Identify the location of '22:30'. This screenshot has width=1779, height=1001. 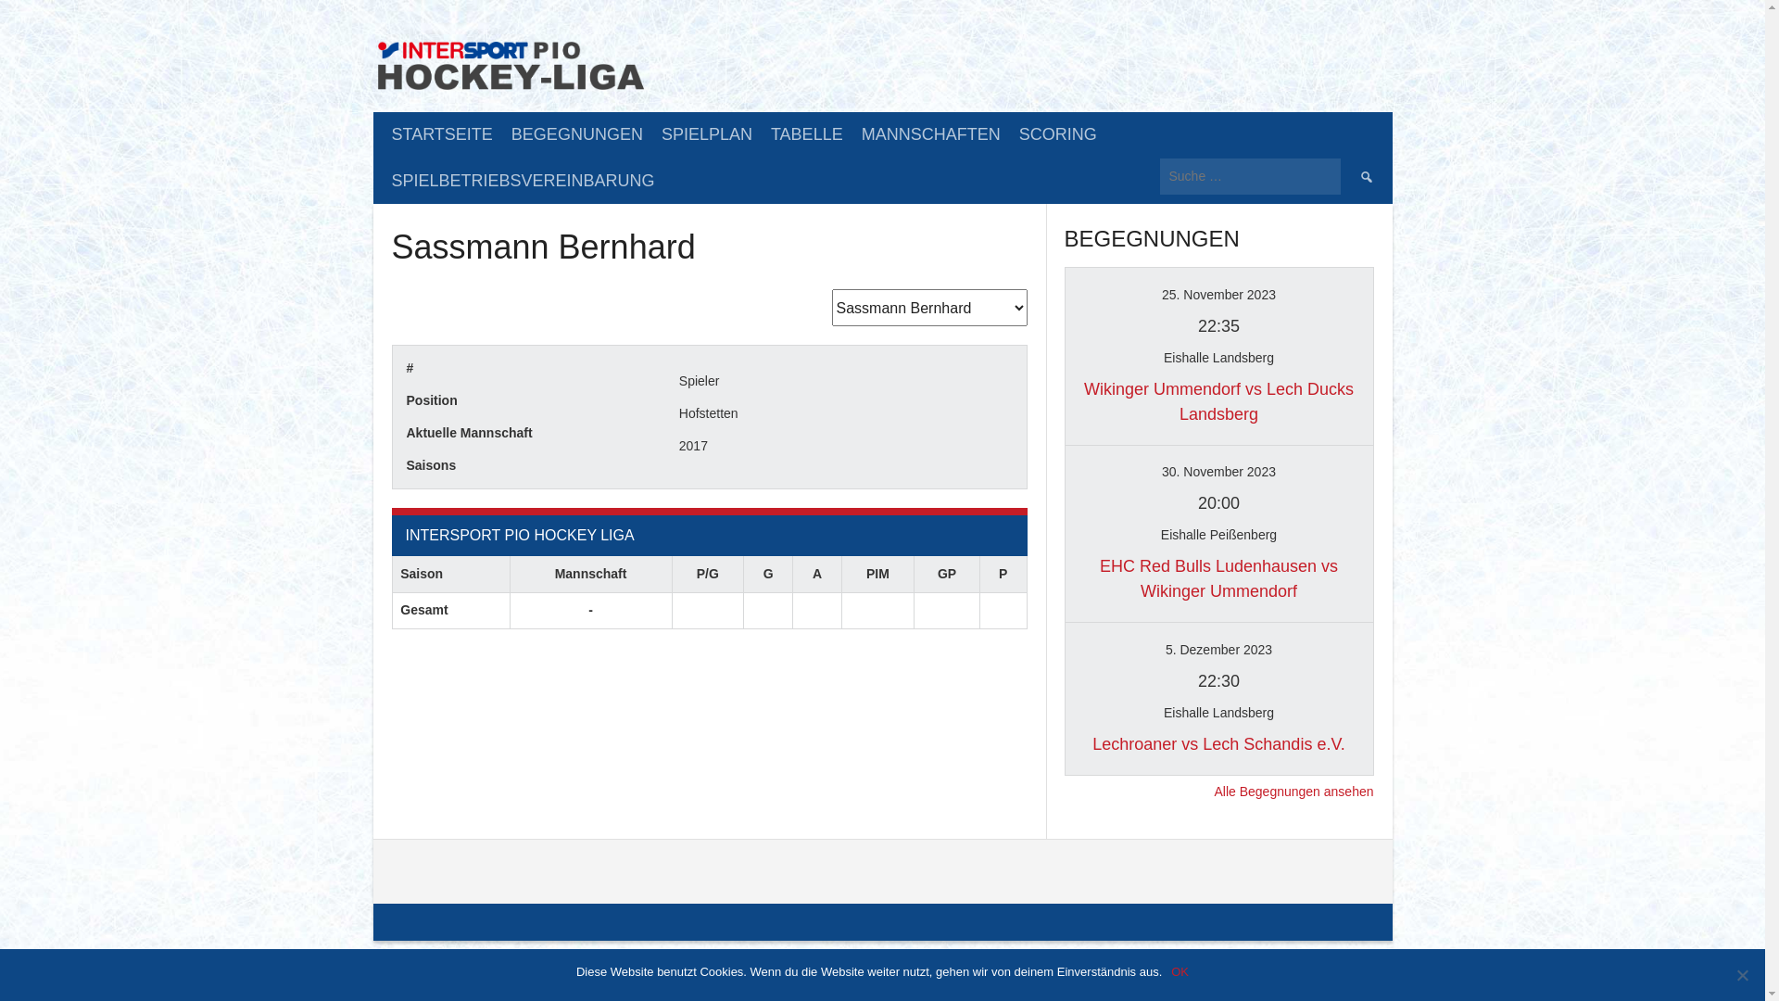
(1218, 681).